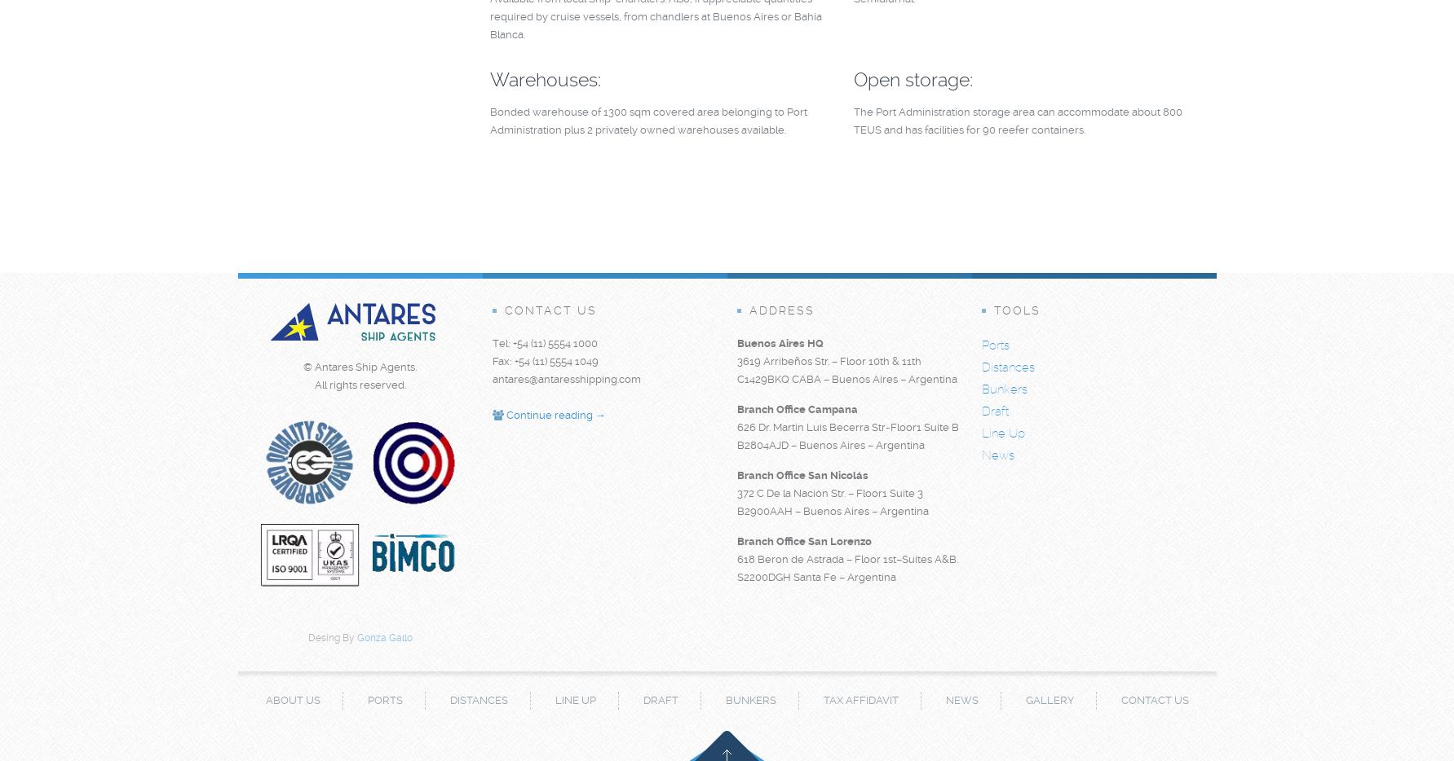  Describe the element at coordinates (735, 445) in the screenshot. I see `'B2804AJD – Buenos Aires – Argentina'` at that location.